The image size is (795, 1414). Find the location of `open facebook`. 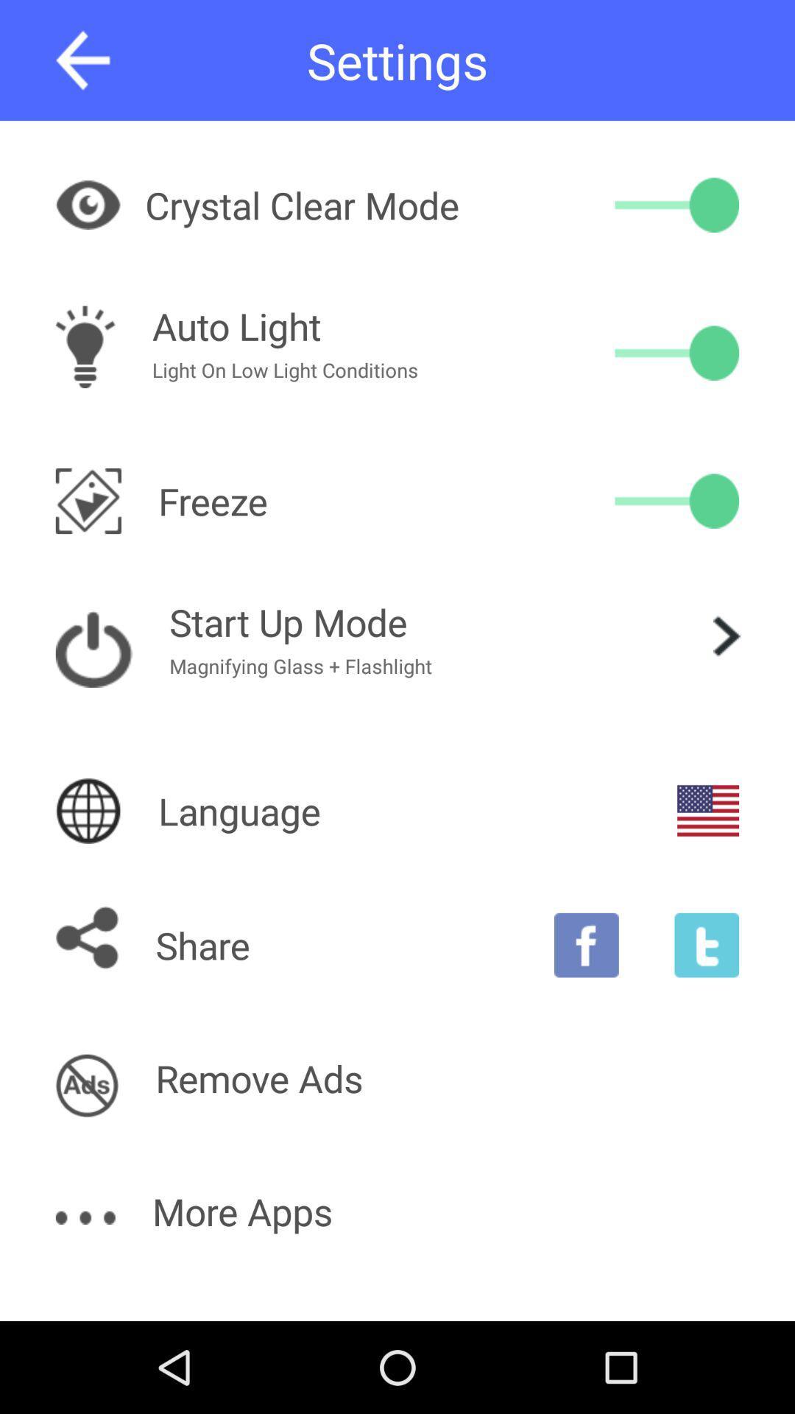

open facebook is located at coordinates (585, 945).